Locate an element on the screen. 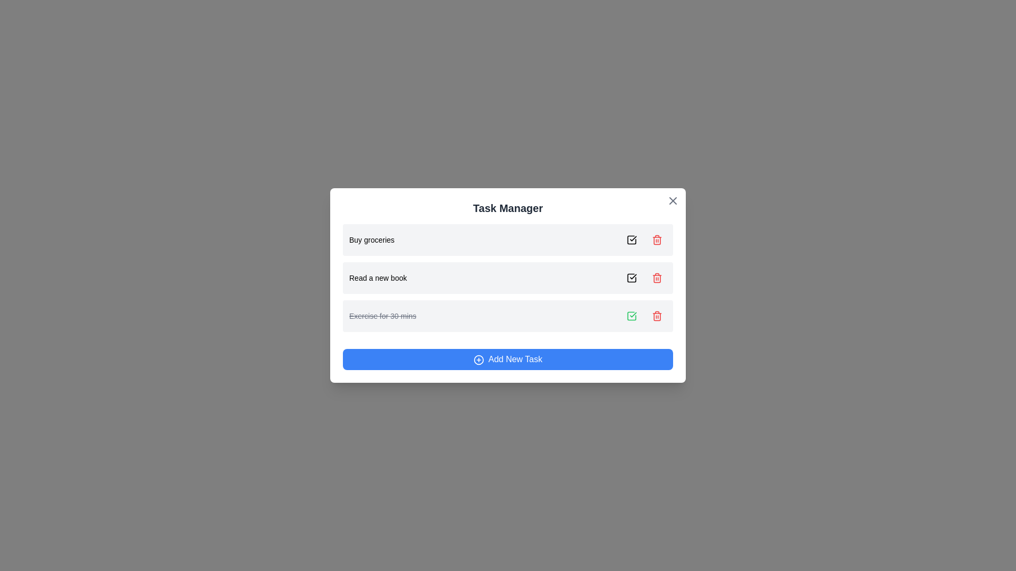 The height and width of the screenshot is (571, 1016). the checkbox-like icon with a check mark next to the task 'Read a new book' to mark the task as complete is located at coordinates (632, 277).